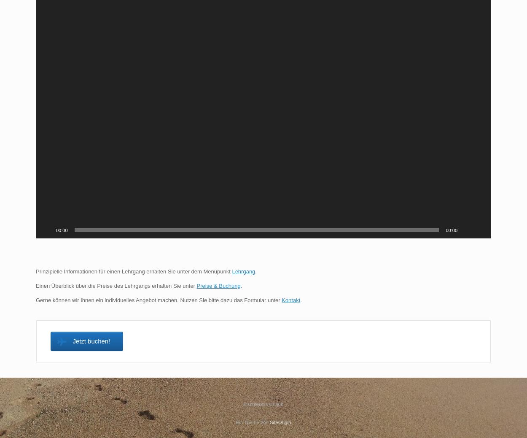 The image size is (527, 438). Describe the element at coordinates (159, 299) in the screenshot. I see `'Gerne können wir Ihnen ein individuelles Angebot machen. Nutzen Sie bitte dazu das Formular unter'` at that location.